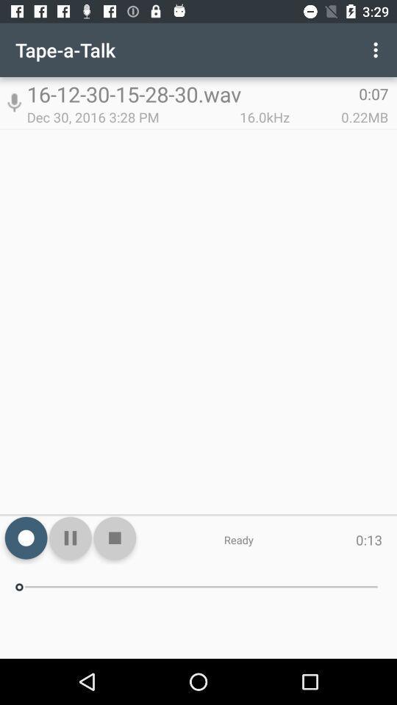  I want to click on item next to 16 12 30 item, so click(13, 102).